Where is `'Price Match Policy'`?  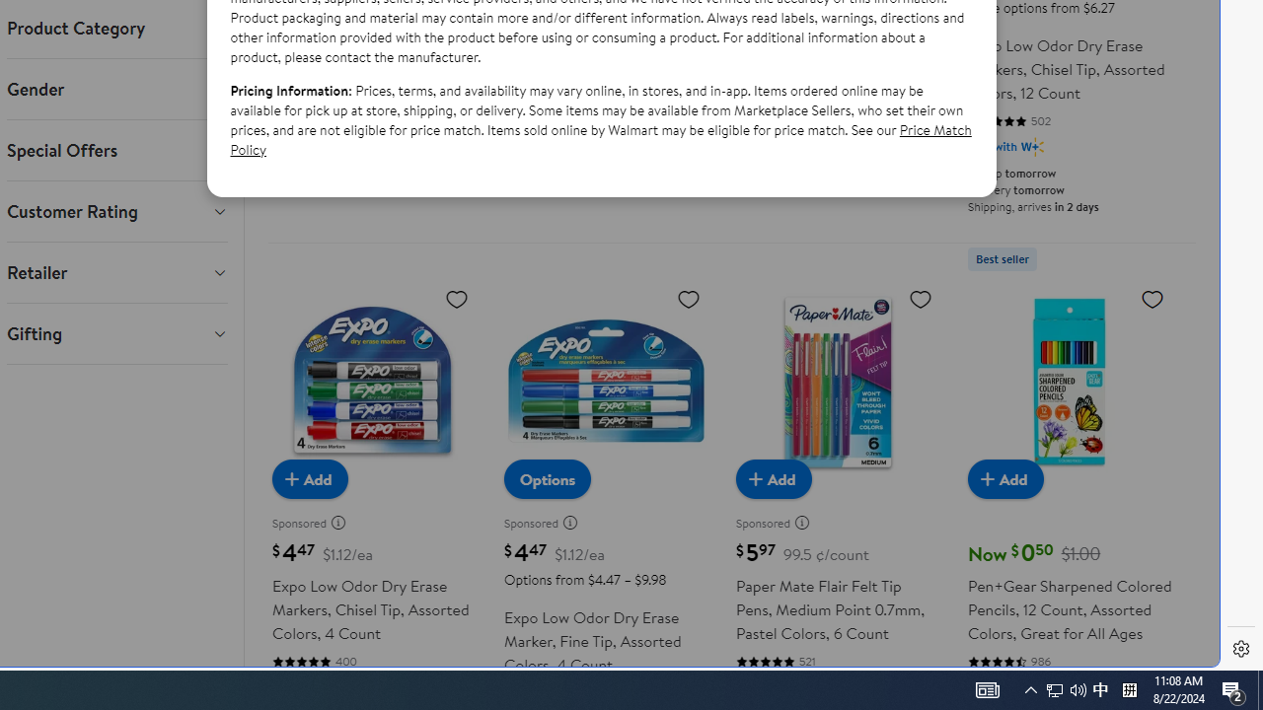
'Price Match Policy' is located at coordinates (600, 138).